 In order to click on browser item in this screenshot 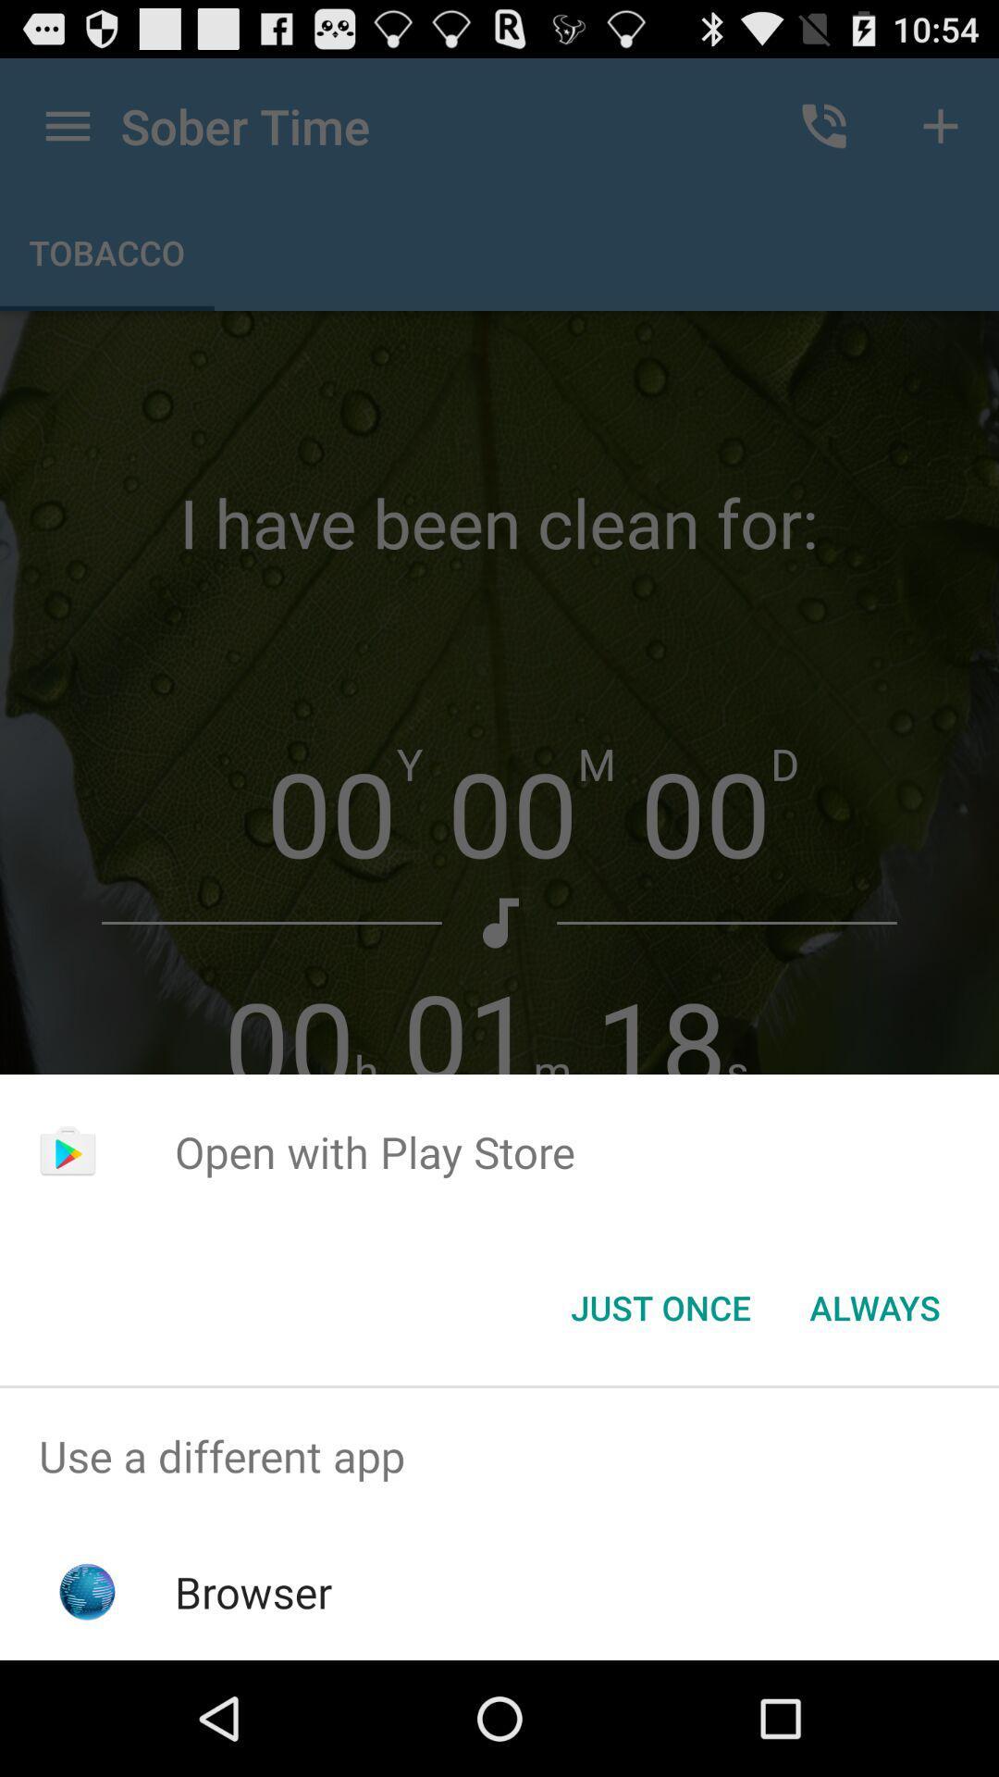, I will do `click(253, 1591)`.